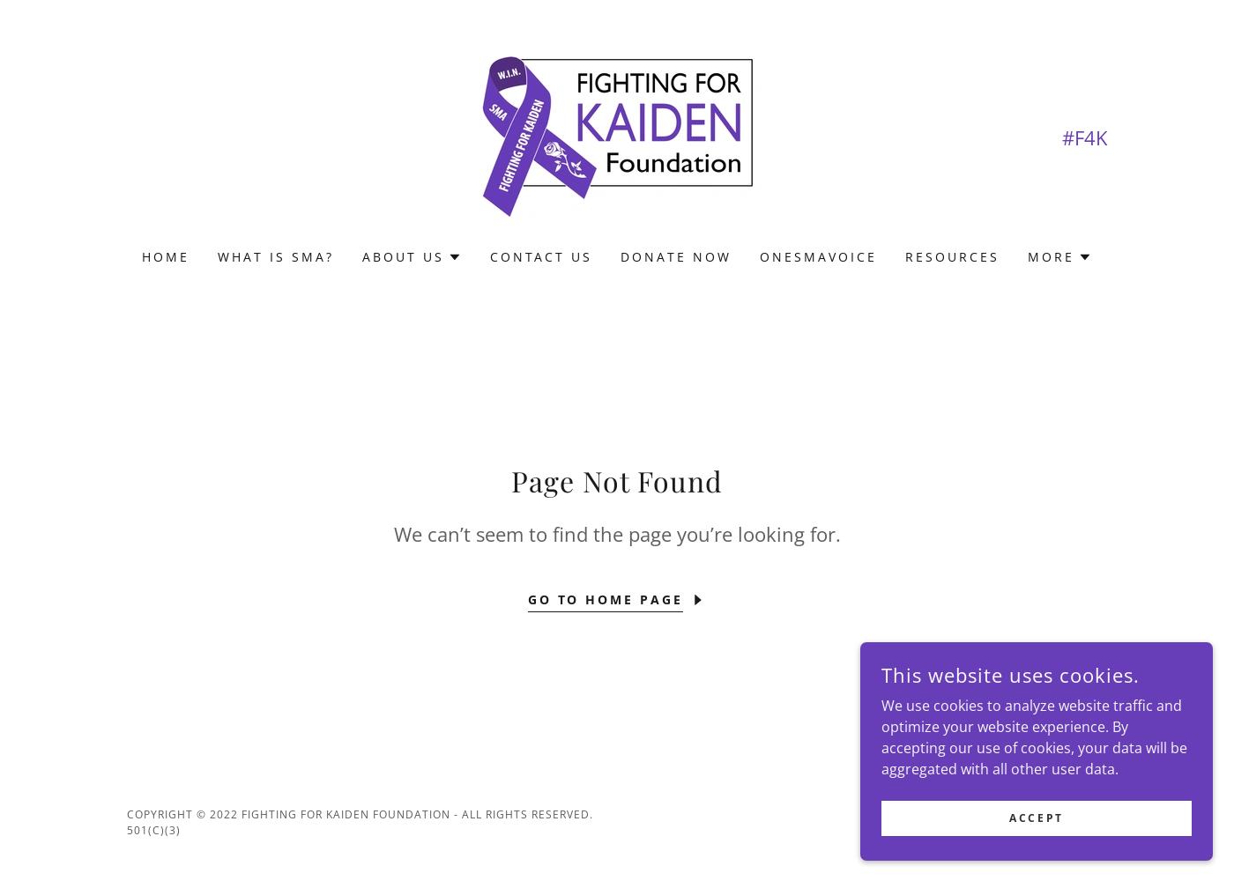  What do you see at coordinates (1048, 822) in the screenshot?
I see `'GoDaddy'` at bounding box center [1048, 822].